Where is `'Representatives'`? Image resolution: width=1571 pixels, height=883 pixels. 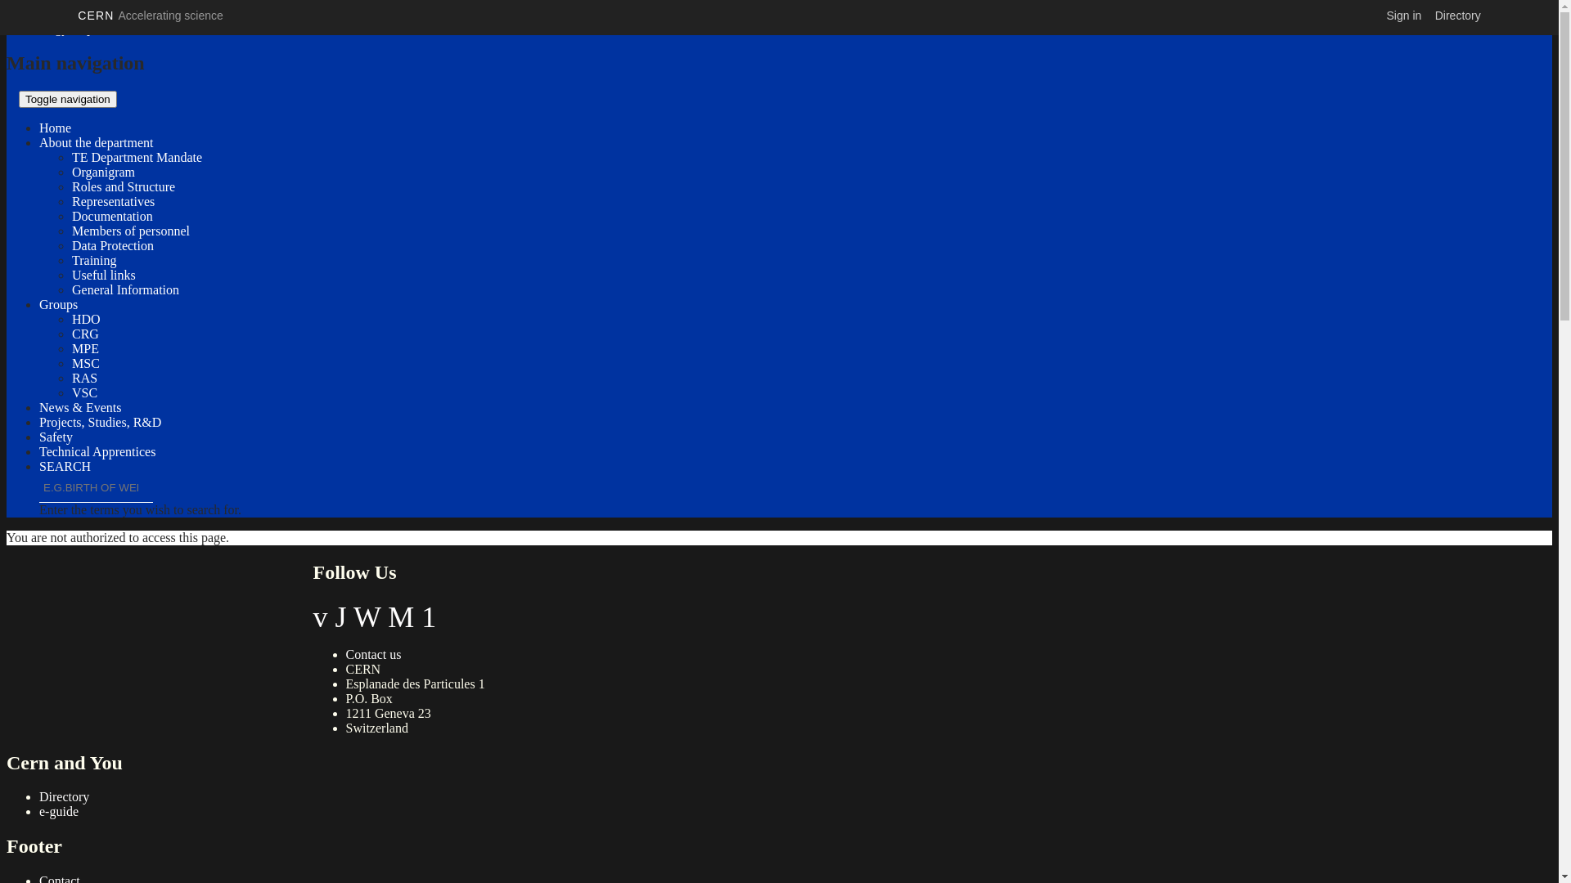
'Representatives' is located at coordinates (70, 200).